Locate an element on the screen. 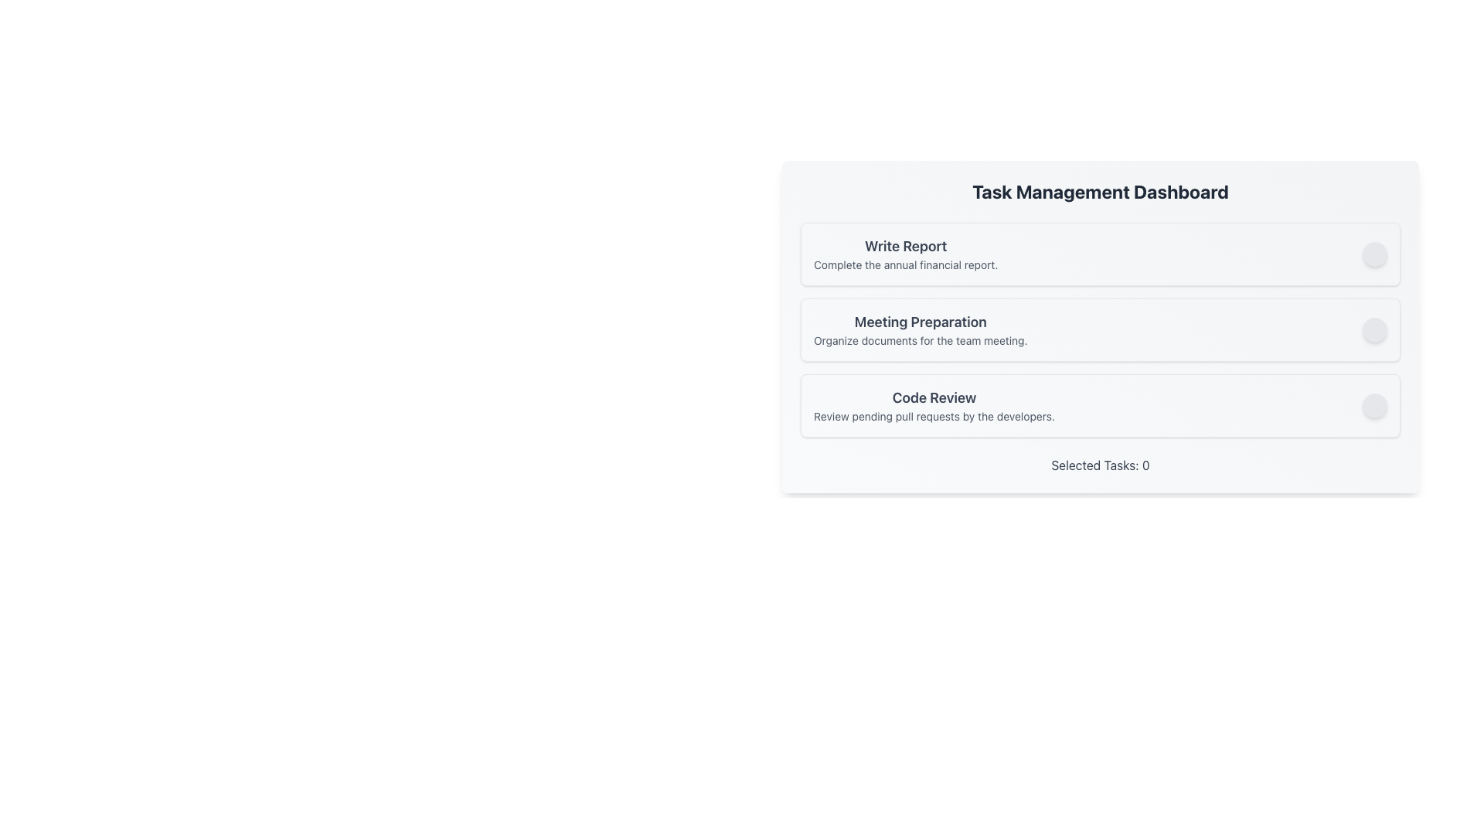 The image size is (1484, 835). the rightmost button associated with the 'Code Review' task is located at coordinates (1375, 404).